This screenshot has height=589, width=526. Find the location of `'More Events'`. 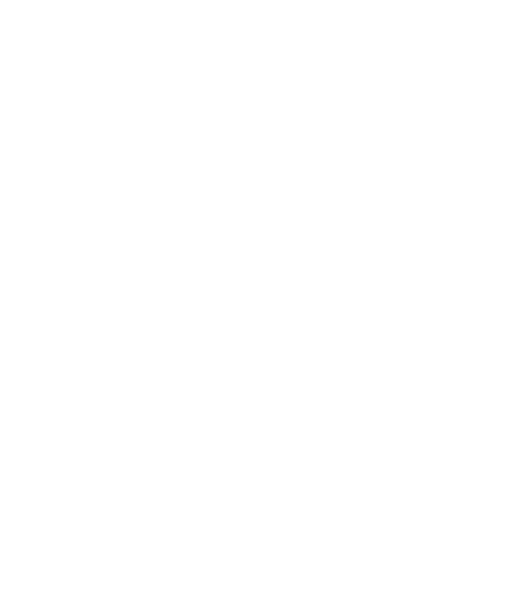

'More Events' is located at coordinates (73, 499).